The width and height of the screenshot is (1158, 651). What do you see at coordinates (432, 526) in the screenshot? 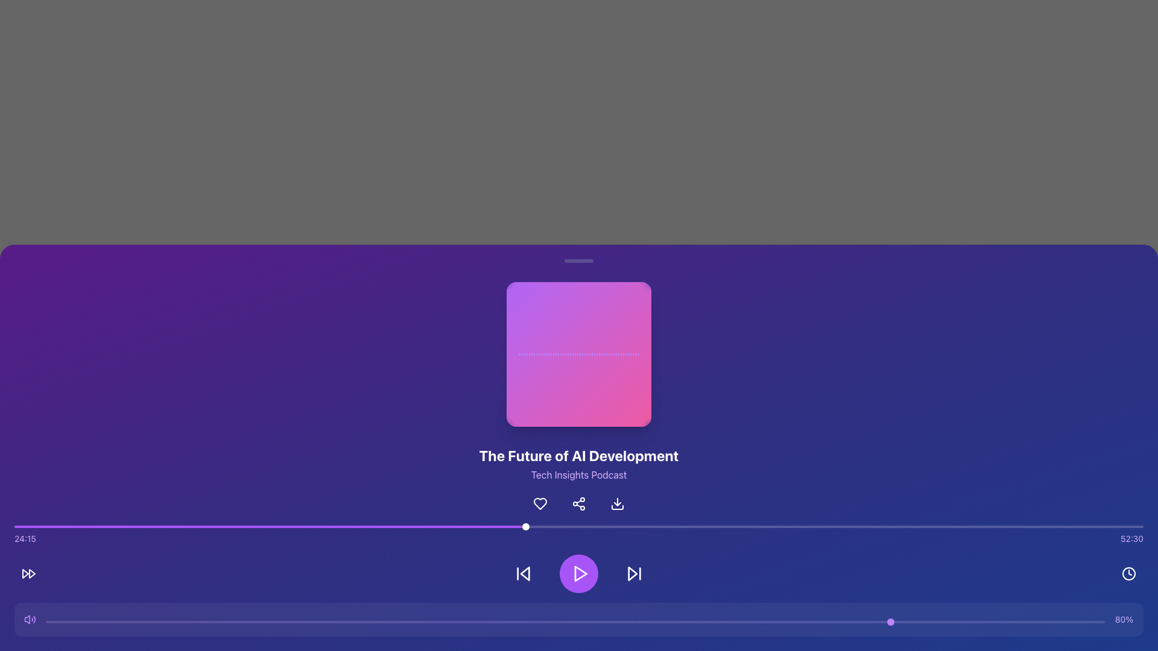
I see `progress` at bounding box center [432, 526].